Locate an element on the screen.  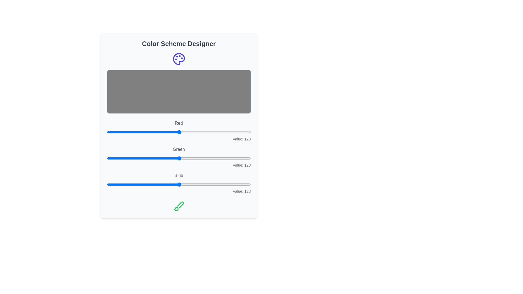
the red component intensity is located at coordinates (155, 132).